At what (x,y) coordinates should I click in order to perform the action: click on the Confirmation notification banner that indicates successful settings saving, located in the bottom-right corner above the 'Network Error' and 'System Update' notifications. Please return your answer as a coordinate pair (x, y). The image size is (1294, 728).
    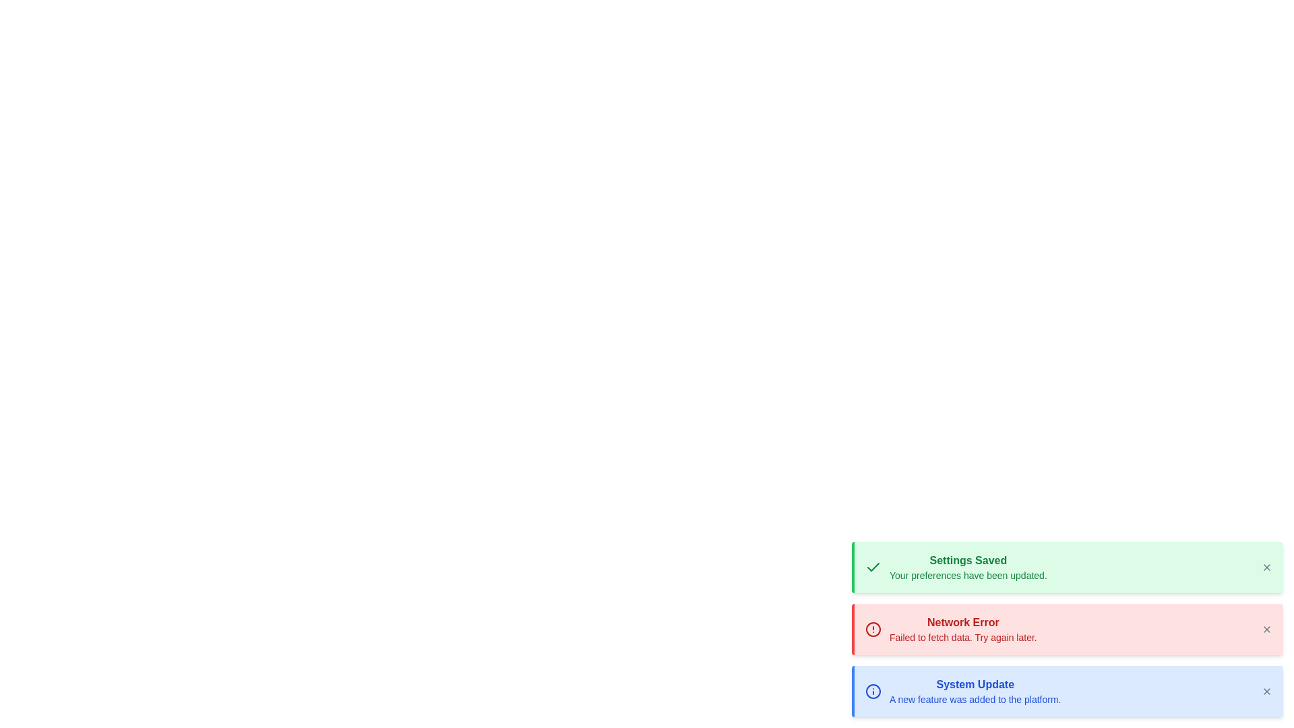
    Looking at the image, I should click on (1067, 567).